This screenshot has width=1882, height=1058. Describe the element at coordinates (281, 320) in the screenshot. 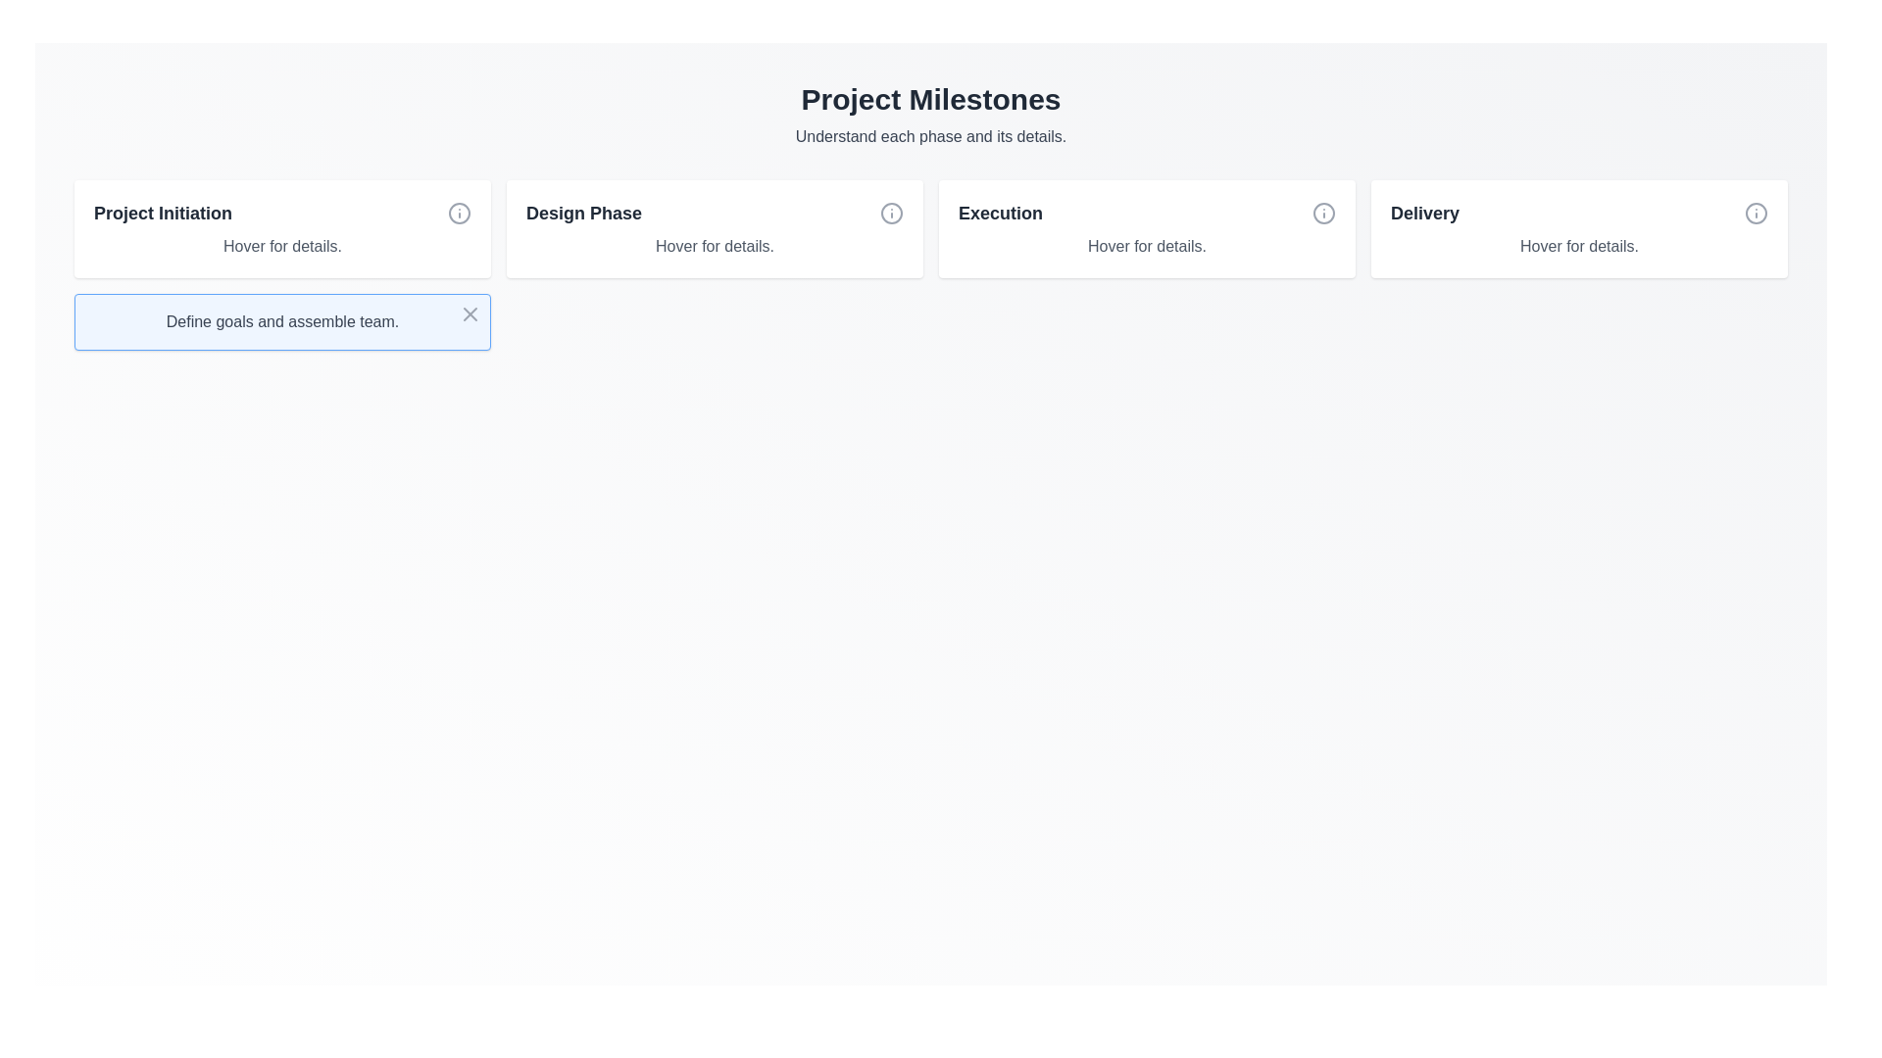

I see `text label located at the center-left of the notification box, which provides a descriptive statement related to the milestone task` at that location.